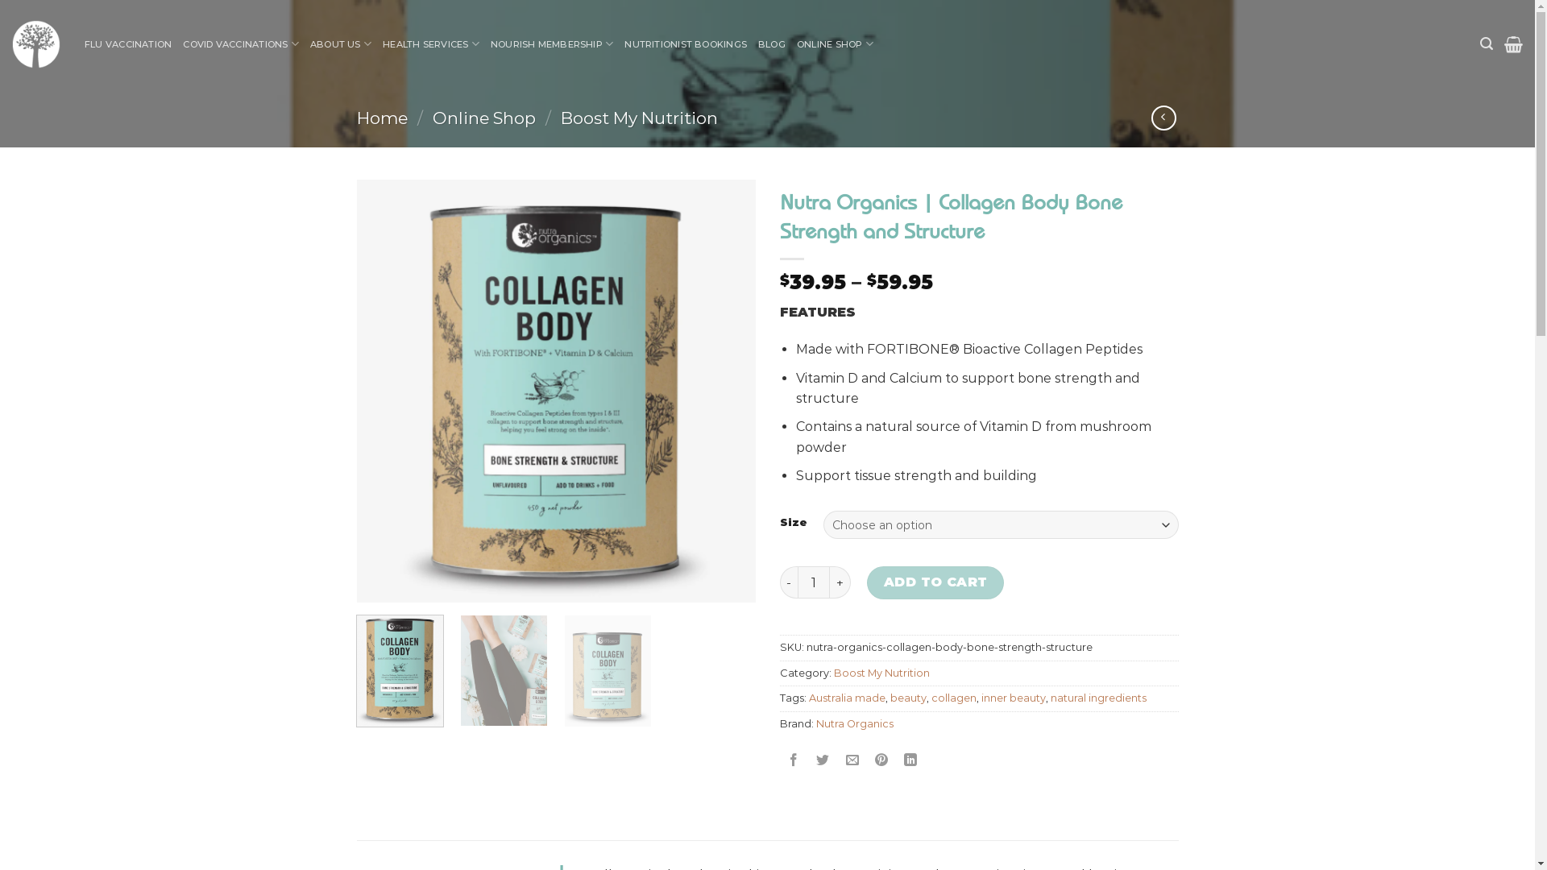  Describe the element at coordinates (954, 697) in the screenshot. I see `'collagen'` at that location.